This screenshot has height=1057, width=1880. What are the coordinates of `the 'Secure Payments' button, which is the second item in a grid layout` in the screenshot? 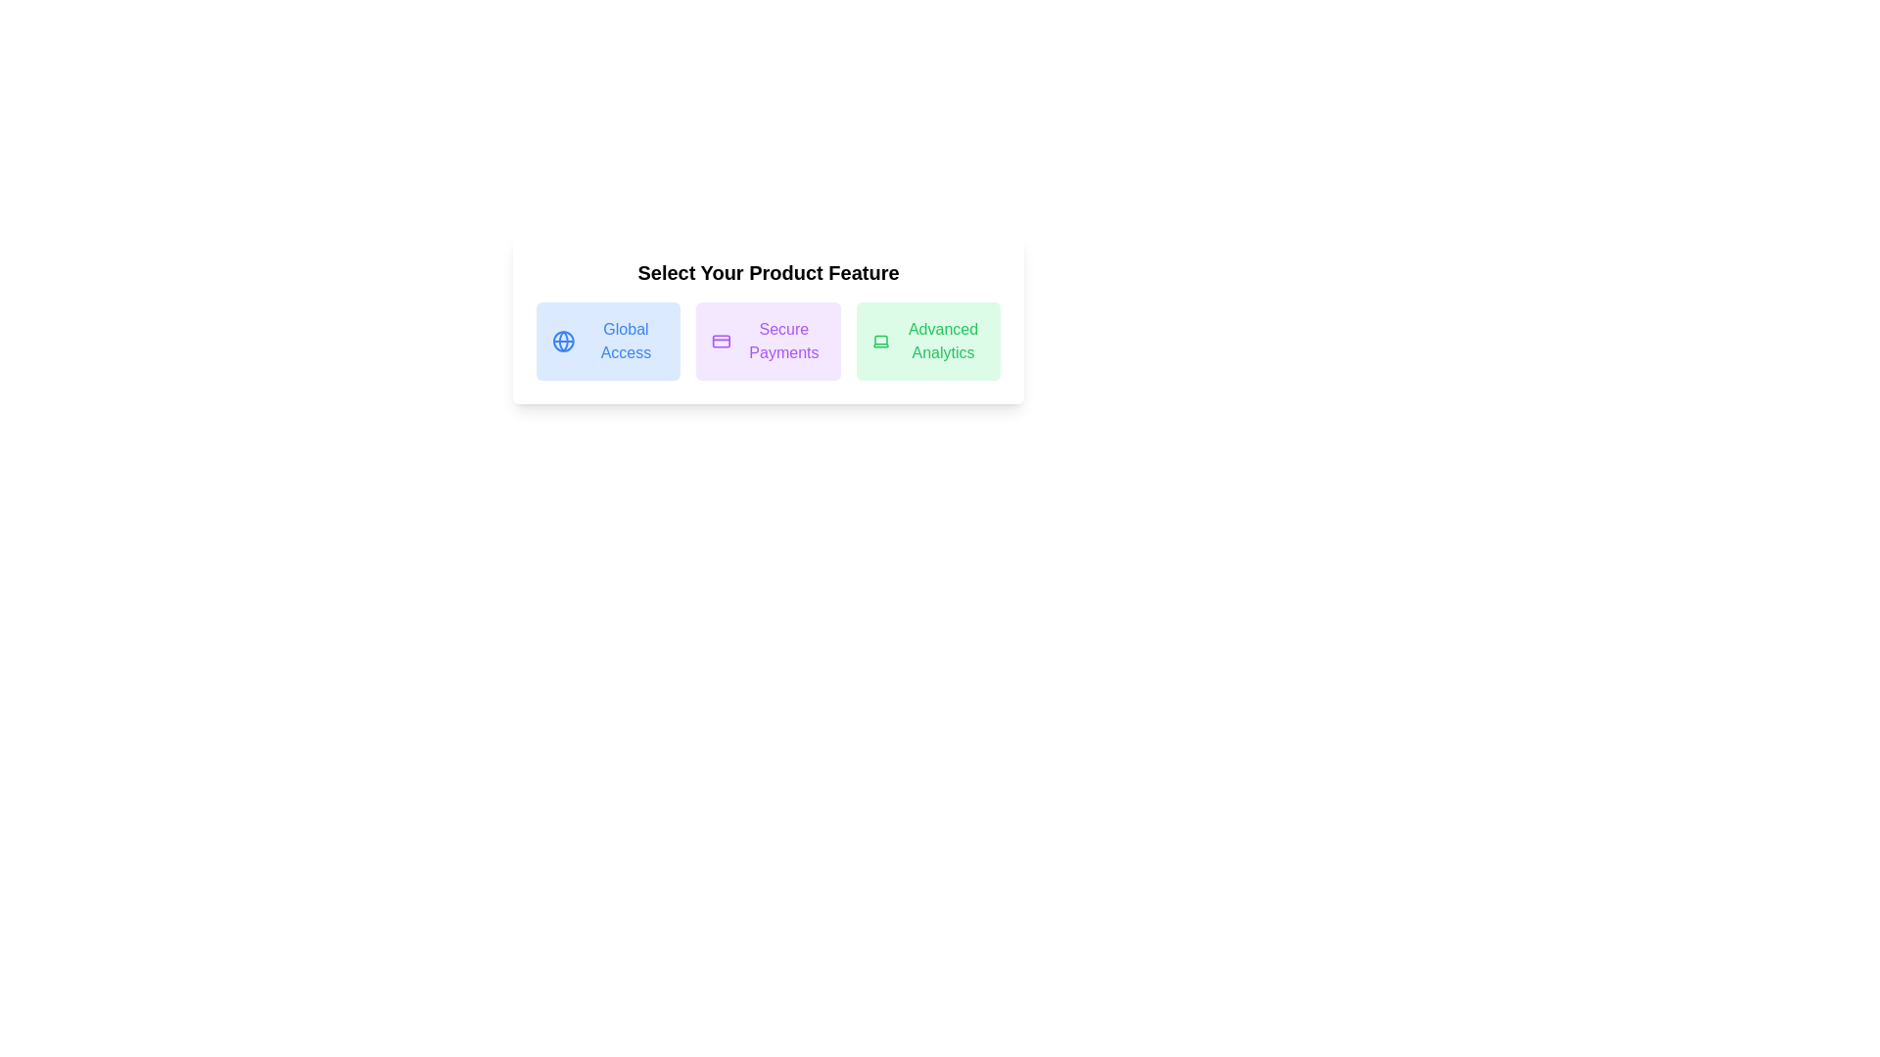 It's located at (767, 340).